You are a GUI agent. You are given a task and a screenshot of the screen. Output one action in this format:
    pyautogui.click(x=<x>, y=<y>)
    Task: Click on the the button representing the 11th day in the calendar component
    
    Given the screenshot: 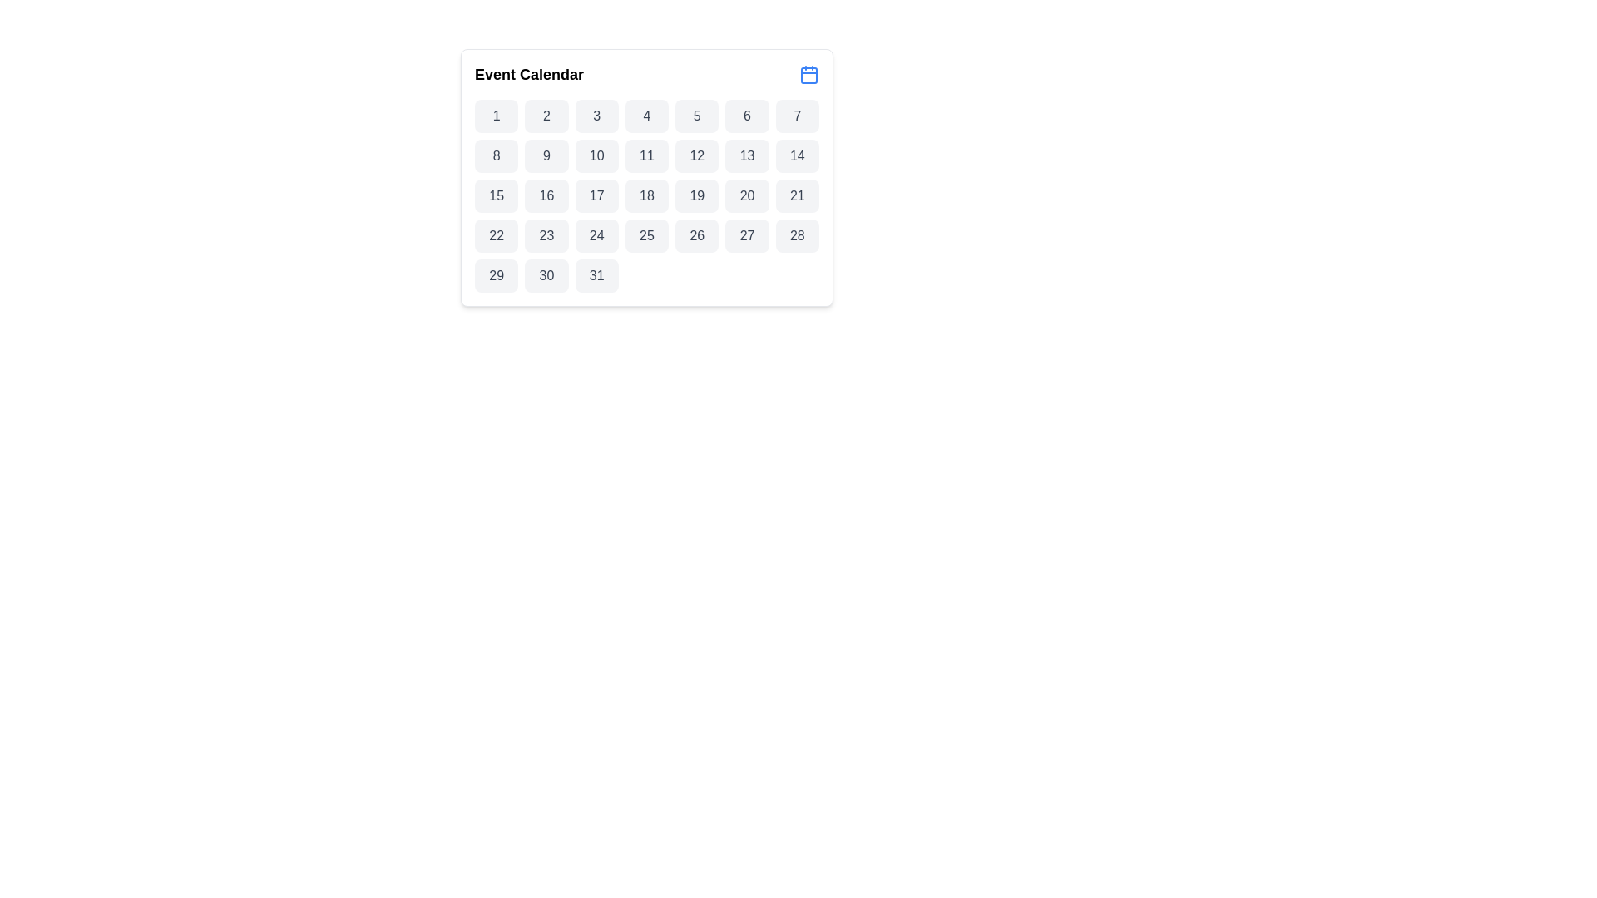 What is the action you would take?
    pyautogui.click(x=645, y=156)
    